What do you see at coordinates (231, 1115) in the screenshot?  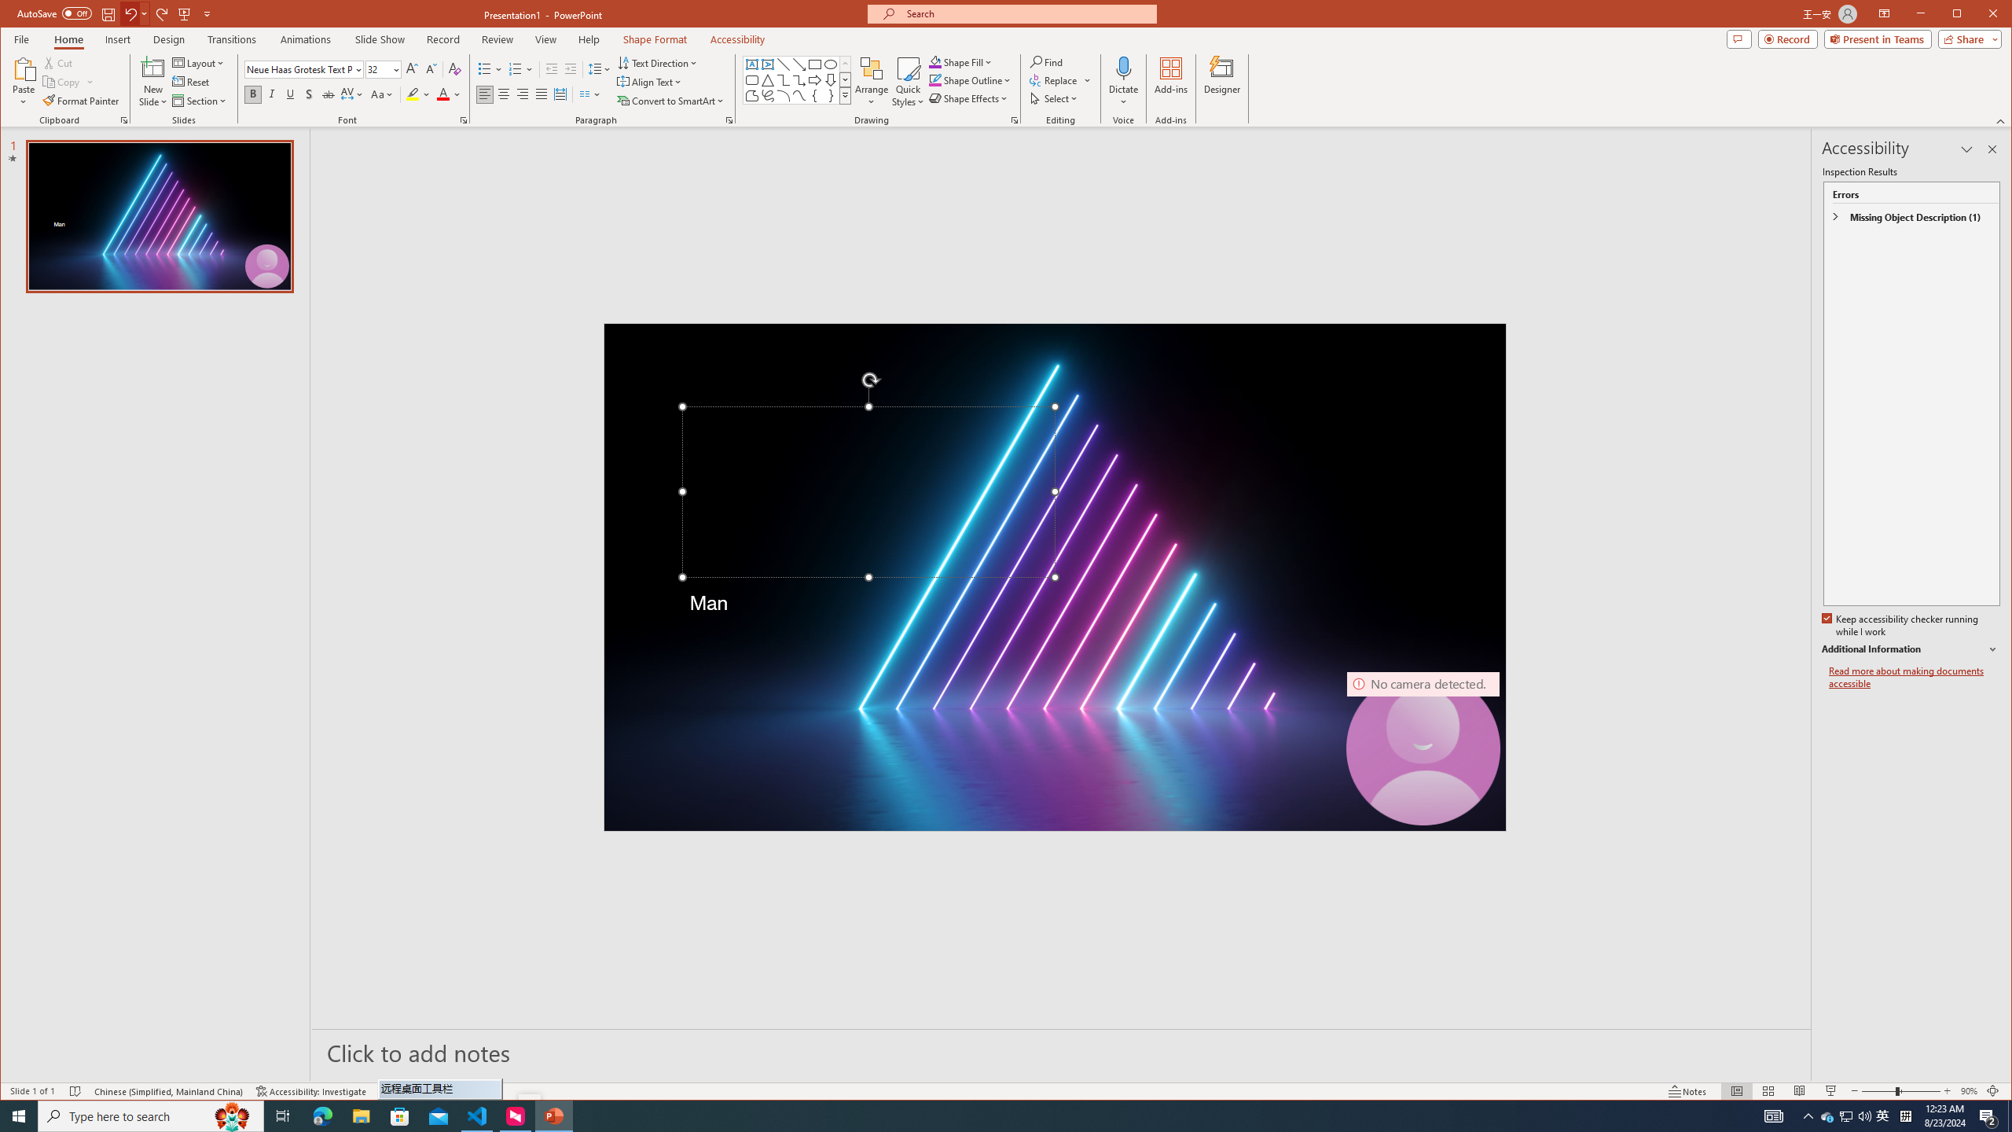 I see `'Search highlights icon opens search home window'` at bounding box center [231, 1115].